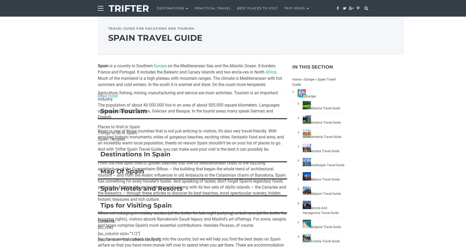  Describe the element at coordinates (98, 126) in the screenshot. I see `'Places to Visit in Spain'` at that location.